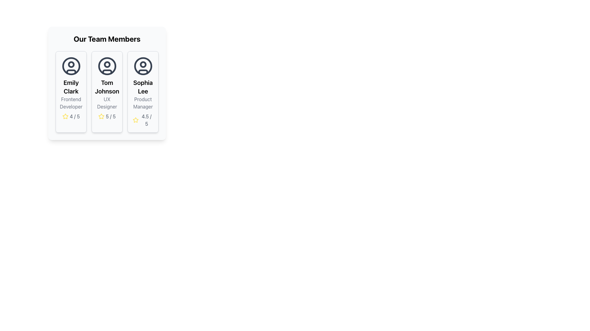  What do you see at coordinates (71, 92) in the screenshot?
I see `the profile card for 'Emily Clark', which is the first card in the set, displaying her role as 'Frontend Developer' and a performance rating of '4 / 5'` at bounding box center [71, 92].